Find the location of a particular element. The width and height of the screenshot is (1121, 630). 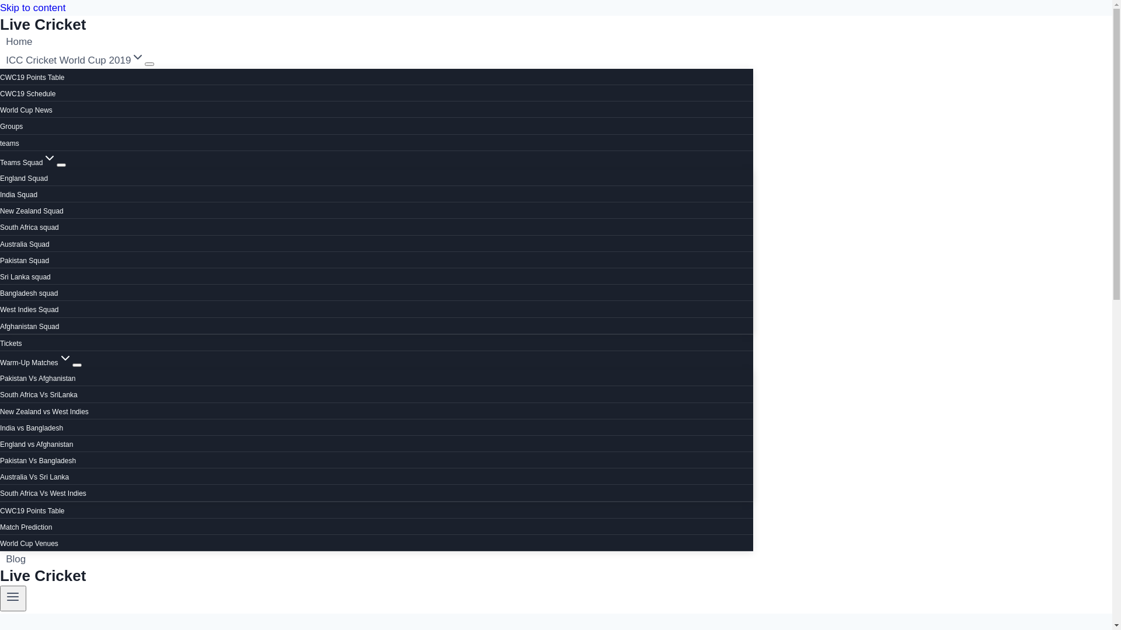

'CWC19 Schedule' is located at coordinates (0, 93).